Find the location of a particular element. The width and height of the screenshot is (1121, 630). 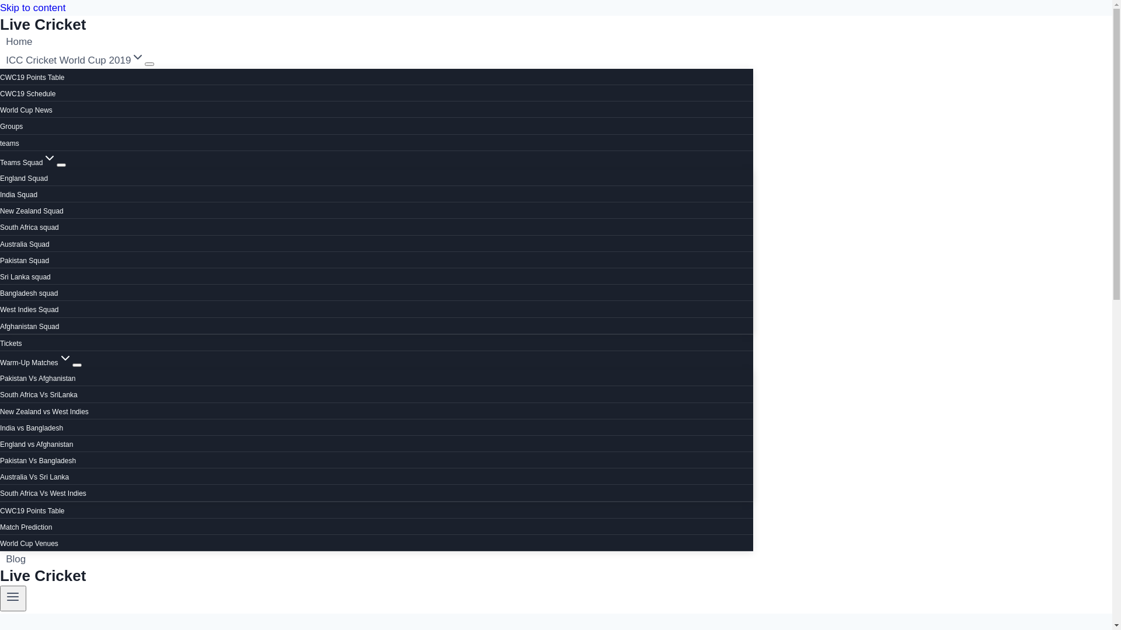

'CWC19 Schedule' is located at coordinates (0, 93).